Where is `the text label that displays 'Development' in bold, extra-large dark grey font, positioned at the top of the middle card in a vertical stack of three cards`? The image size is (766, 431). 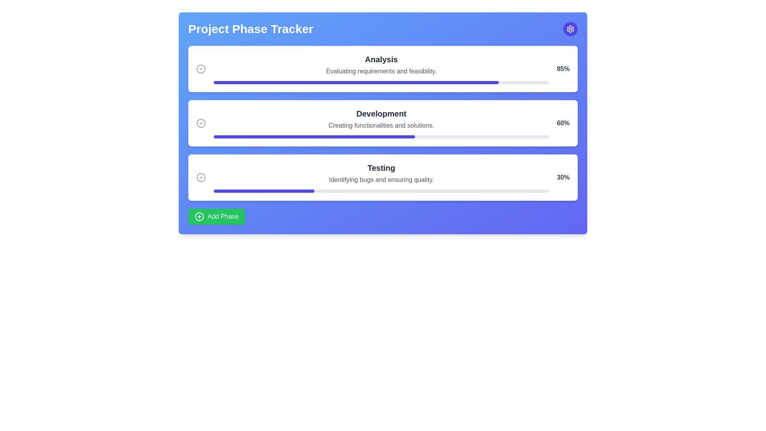
the text label that displays 'Development' in bold, extra-large dark grey font, positioned at the top of the middle card in a vertical stack of three cards is located at coordinates (381, 114).